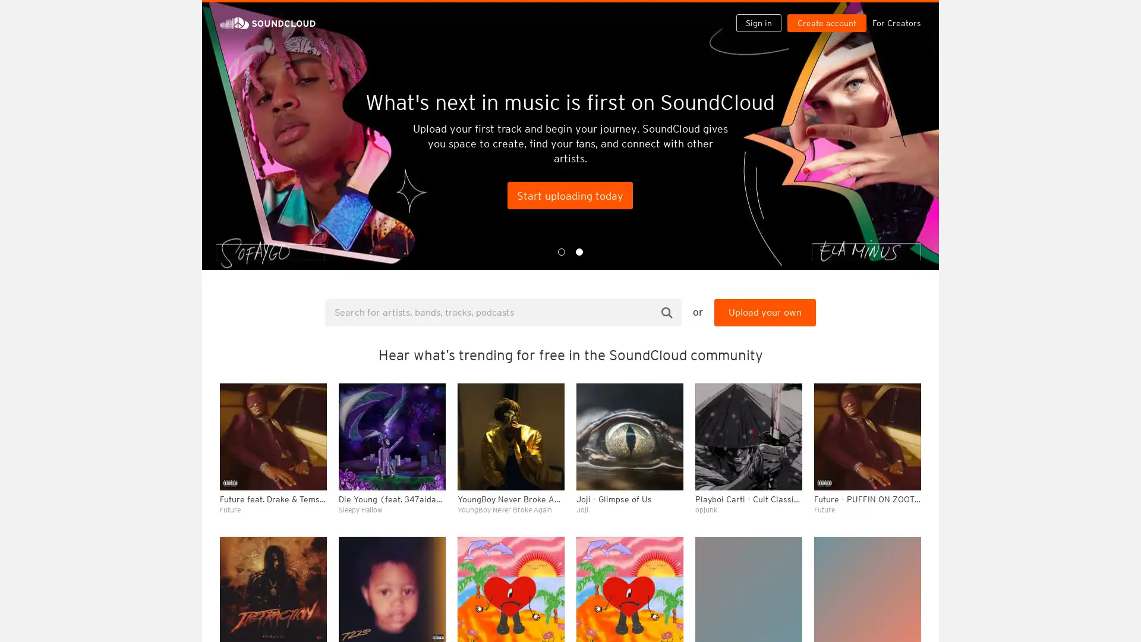 Image resolution: width=1141 pixels, height=642 pixels. What do you see at coordinates (913, 325) in the screenshot?
I see `Hide queue` at bounding box center [913, 325].